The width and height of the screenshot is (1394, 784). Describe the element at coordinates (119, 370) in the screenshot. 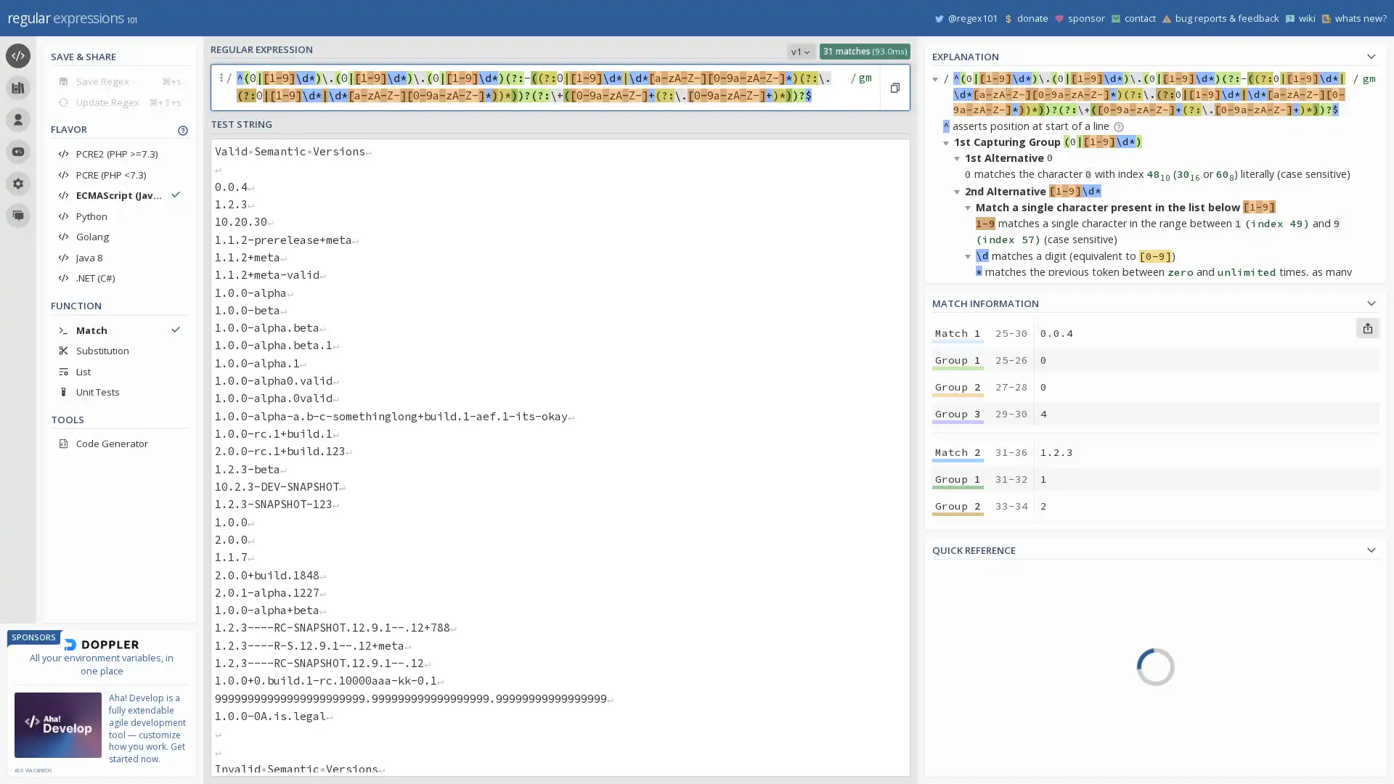

I see `List` at that location.